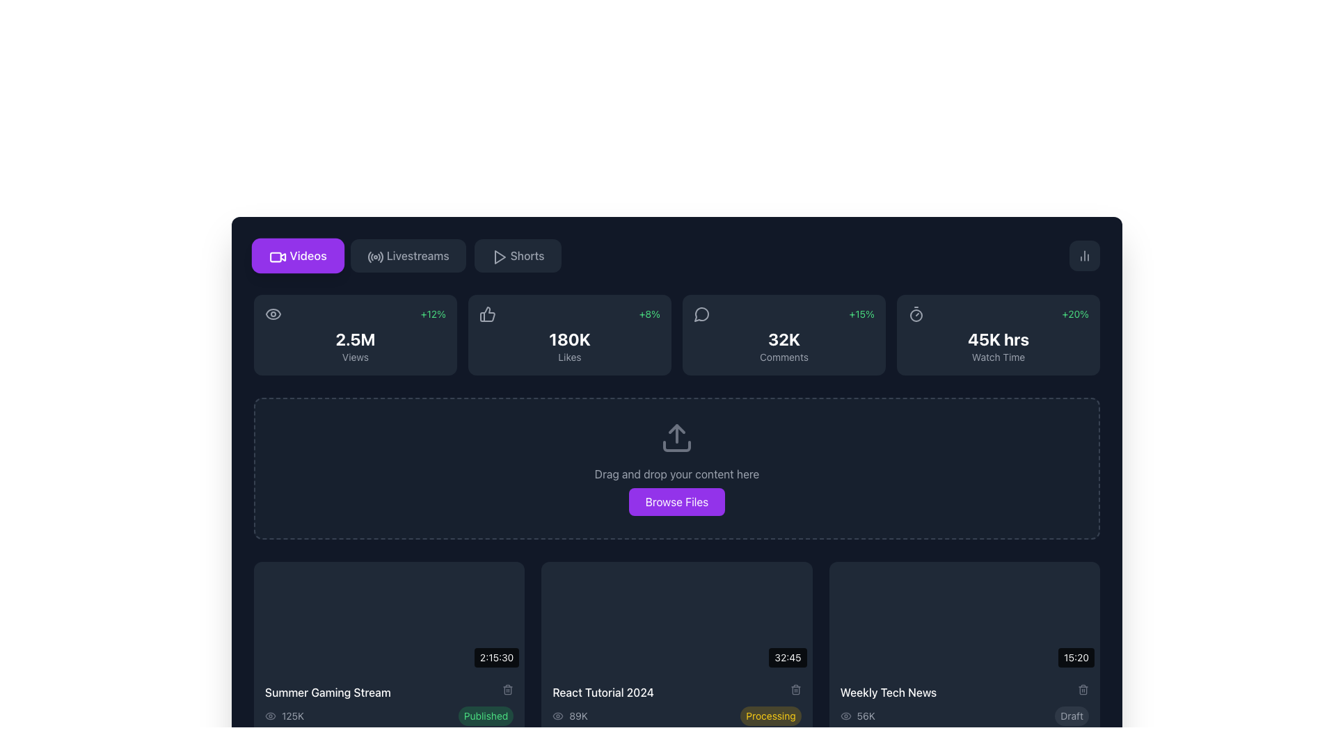  I want to click on the details of the 'Shorts' icon located on the left side of the 'Shorts' button in the horizontal menu at the top of the interface, so click(498, 255).